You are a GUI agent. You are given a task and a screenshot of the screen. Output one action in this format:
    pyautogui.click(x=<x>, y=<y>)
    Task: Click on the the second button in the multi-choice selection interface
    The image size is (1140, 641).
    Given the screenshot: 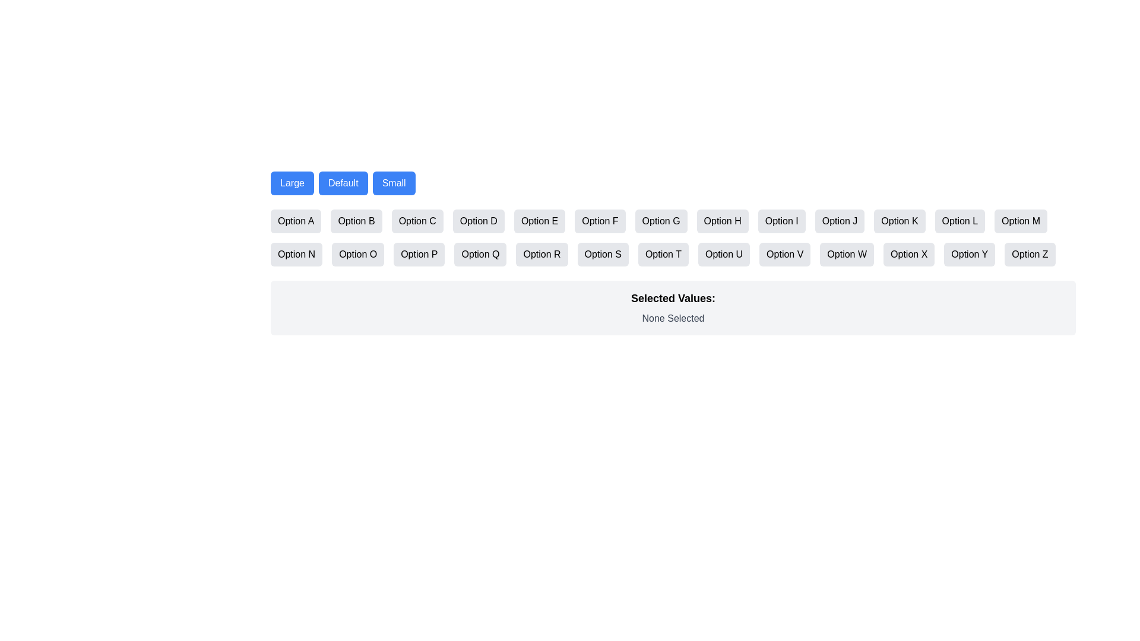 What is the action you would take?
    pyautogui.click(x=356, y=221)
    